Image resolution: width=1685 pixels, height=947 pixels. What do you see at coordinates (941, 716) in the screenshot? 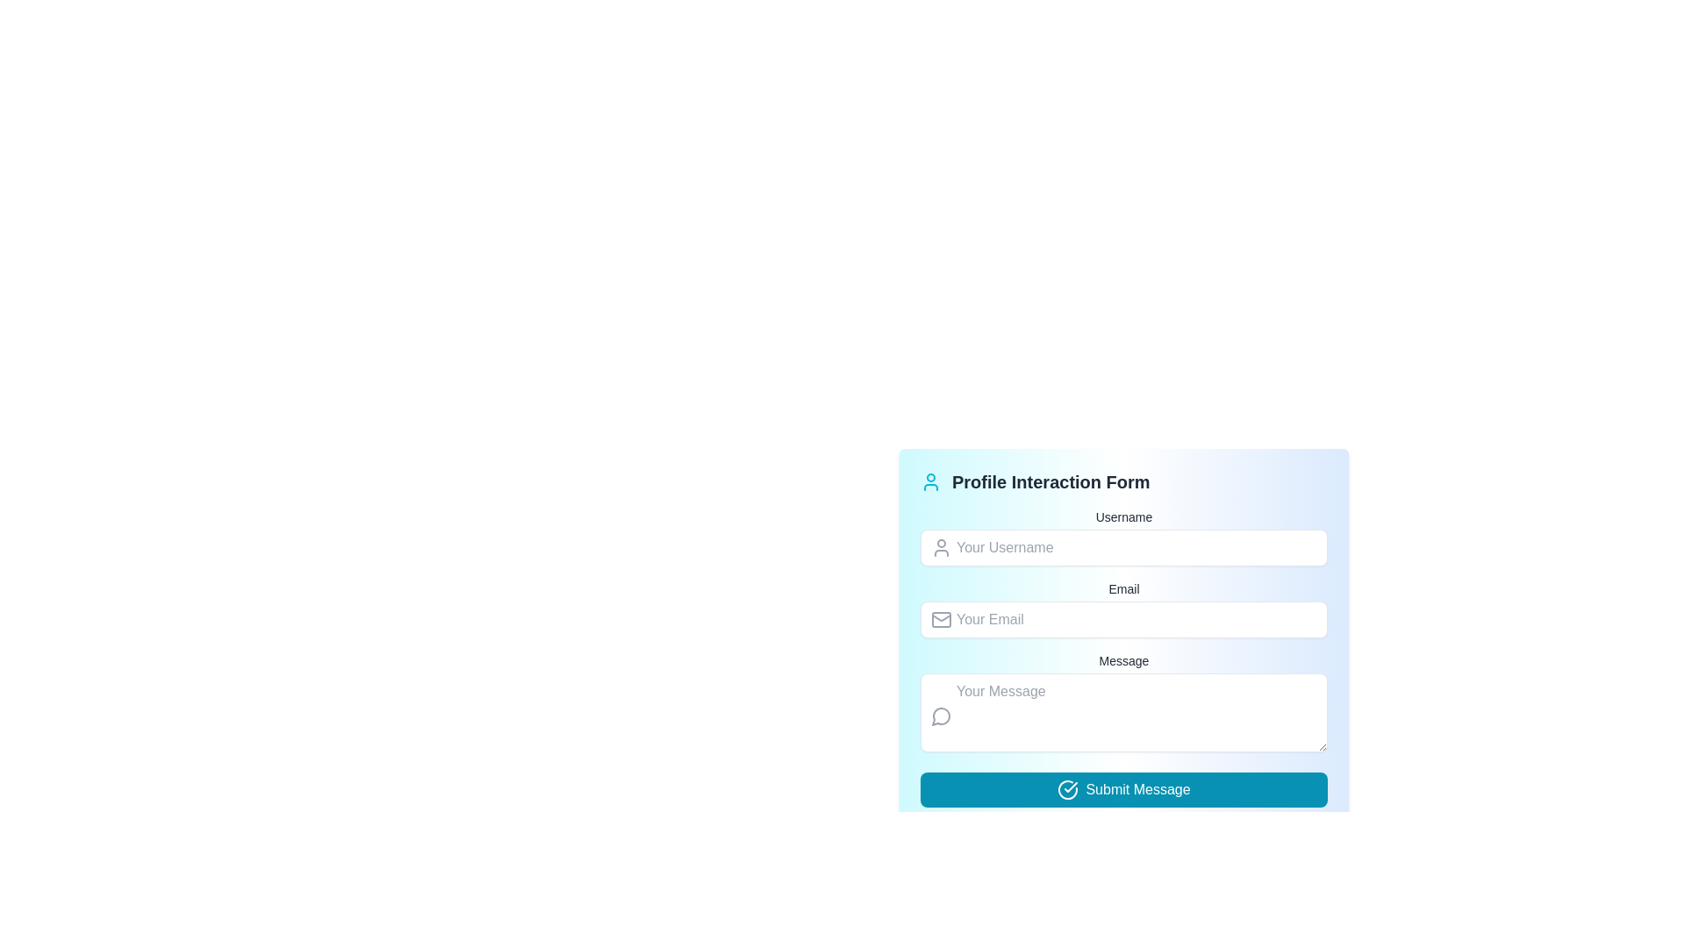
I see `the messaging icon located to the left of the 'Your Message' text input field at the bottom of the form` at bounding box center [941, 716].